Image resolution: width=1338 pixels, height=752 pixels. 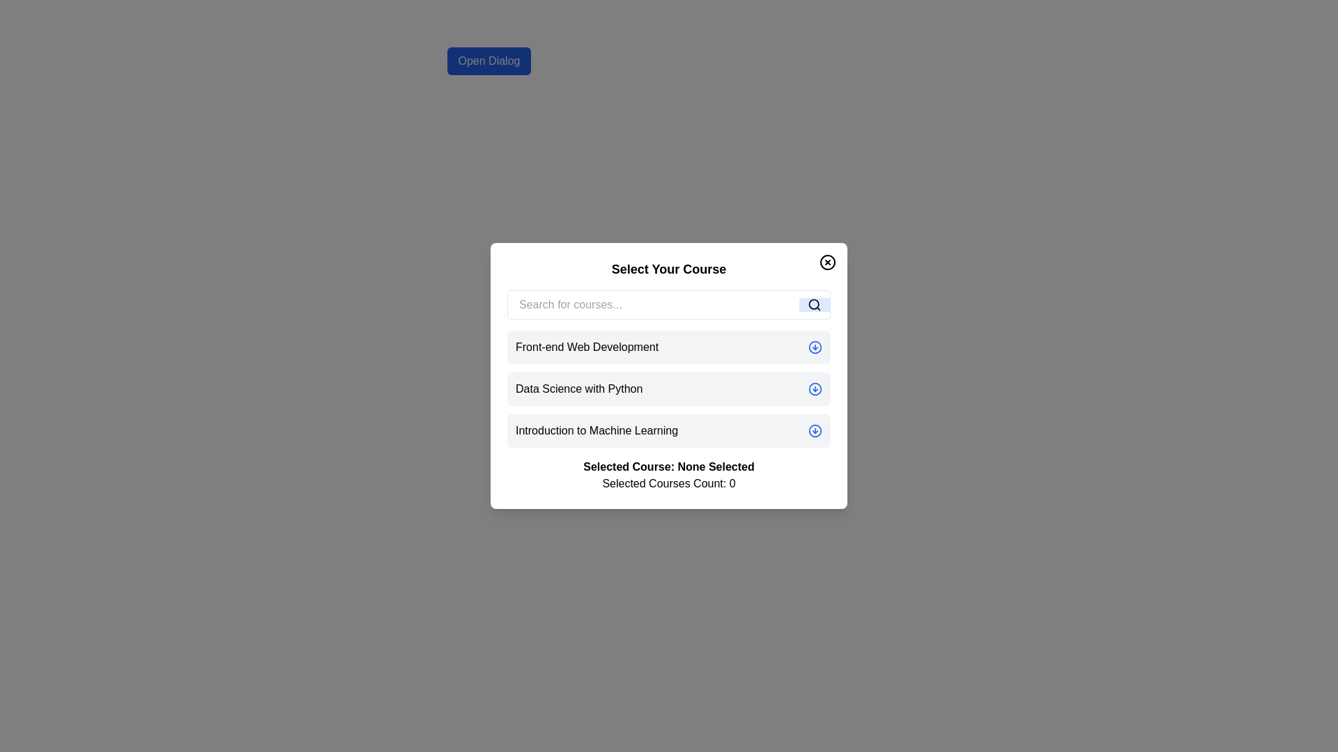 I want to click on the button with an icon located at the bottom-right corner of the 'Introduction to Machine Learning' section, so click(x=815, y=430).